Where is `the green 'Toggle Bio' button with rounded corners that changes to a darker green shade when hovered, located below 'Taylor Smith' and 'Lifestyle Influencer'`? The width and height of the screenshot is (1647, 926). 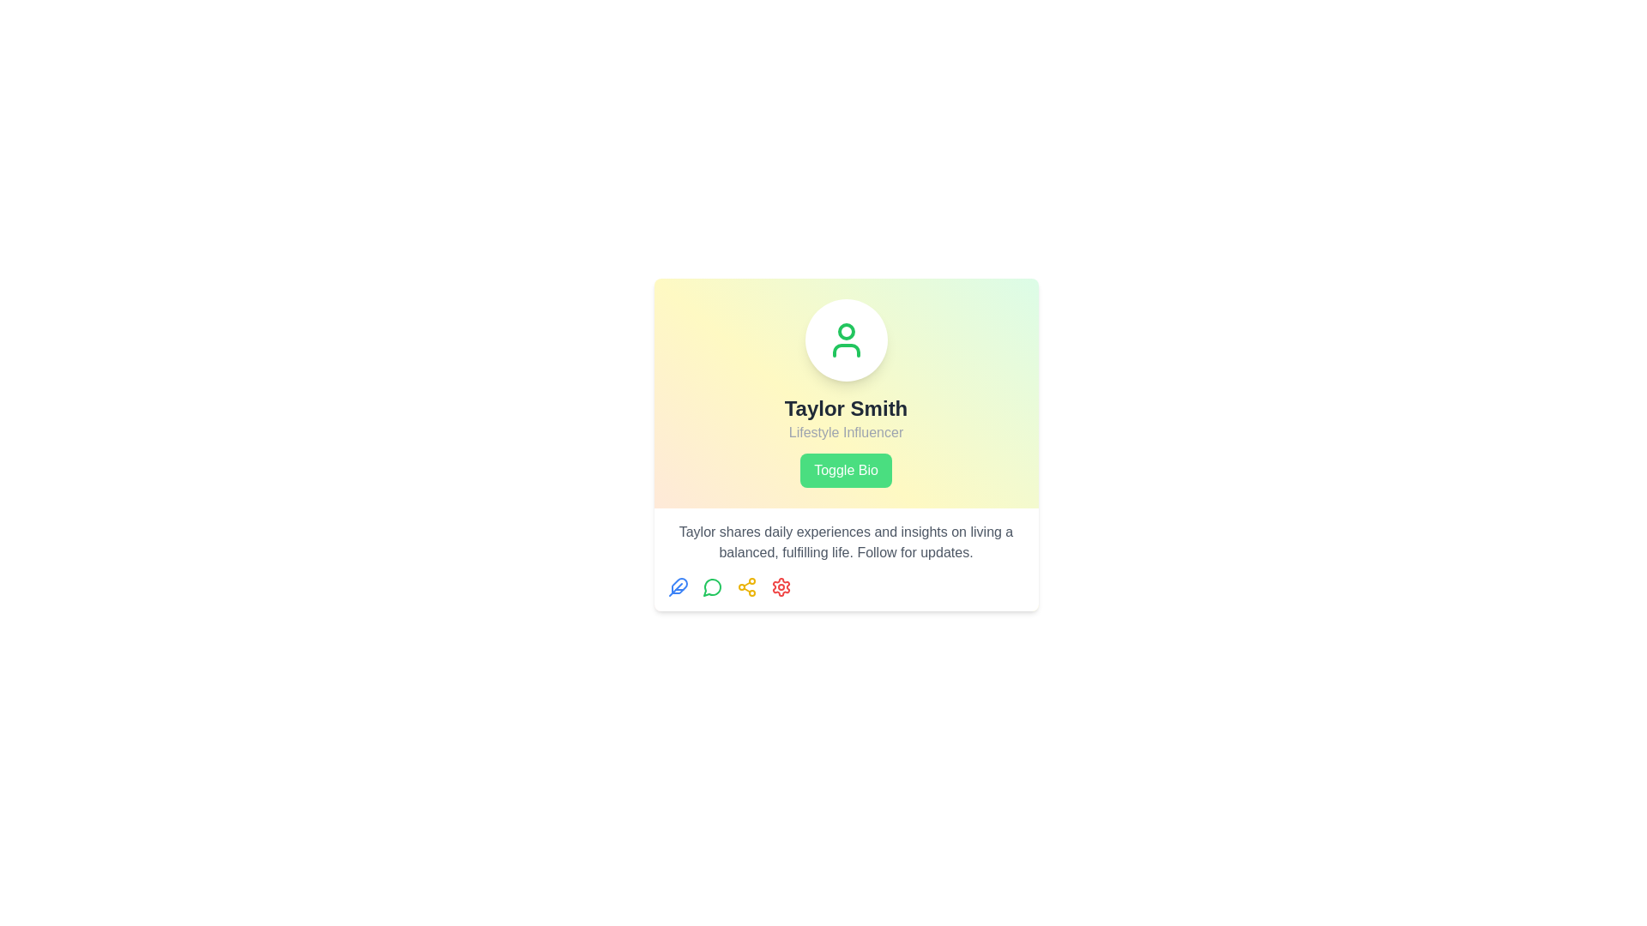
the green 'Toggle Bio' button with rounded corners that changes to a darker green shade when hovered, located below 'Taylor Smith' and 'Lifestyle Influencer' is located at coordinates (846, 470).